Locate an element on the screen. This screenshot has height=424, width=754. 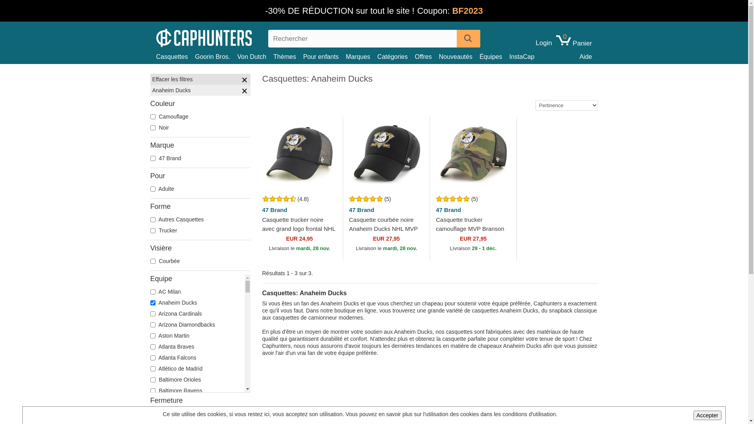
'Accepter' is located at coordinates (707, 415).